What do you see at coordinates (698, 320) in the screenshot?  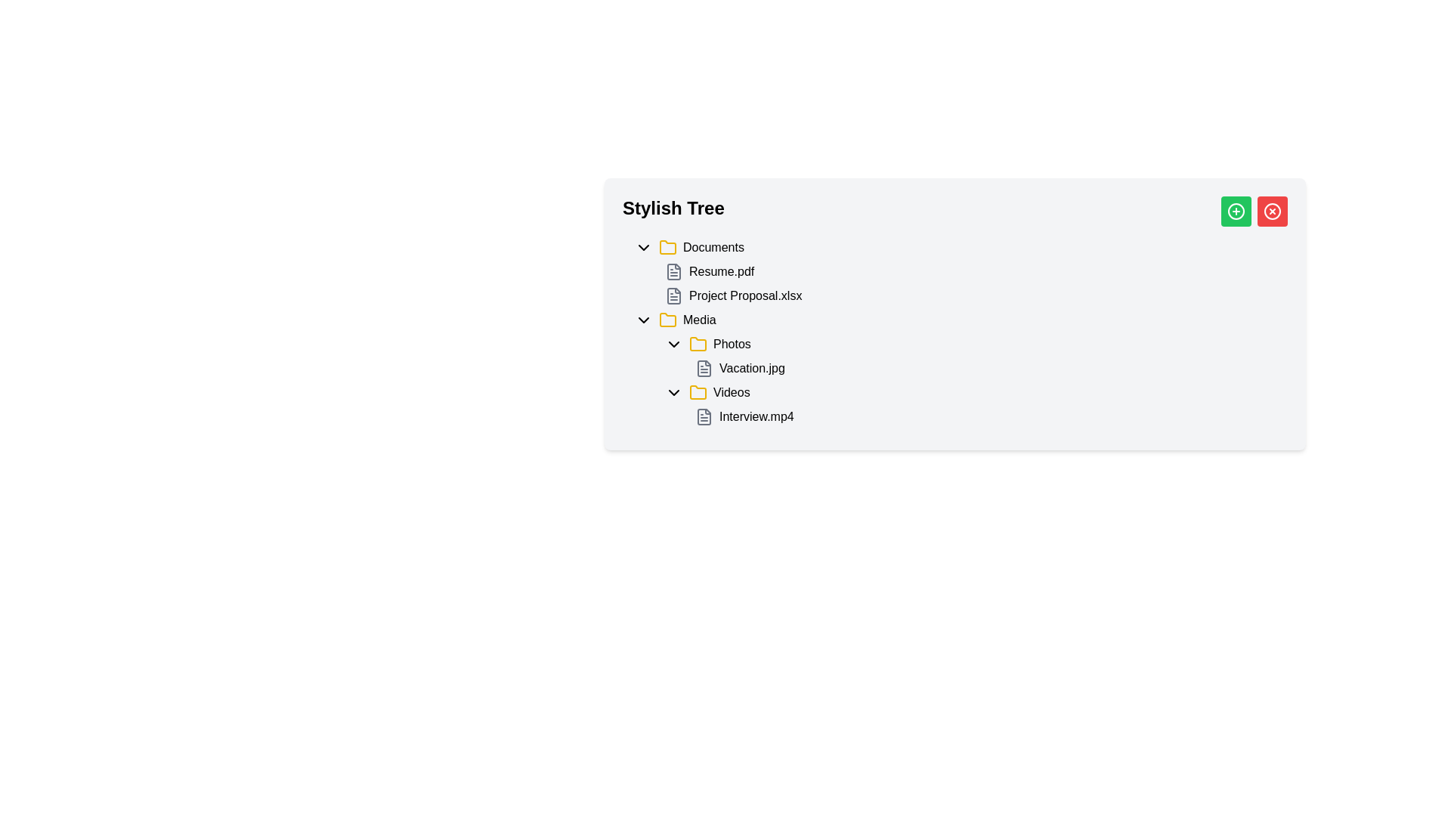 I see `the 'Media' label in the hierarchical tree structure that identifies the folder's contents` at bounding box center [698, 320].